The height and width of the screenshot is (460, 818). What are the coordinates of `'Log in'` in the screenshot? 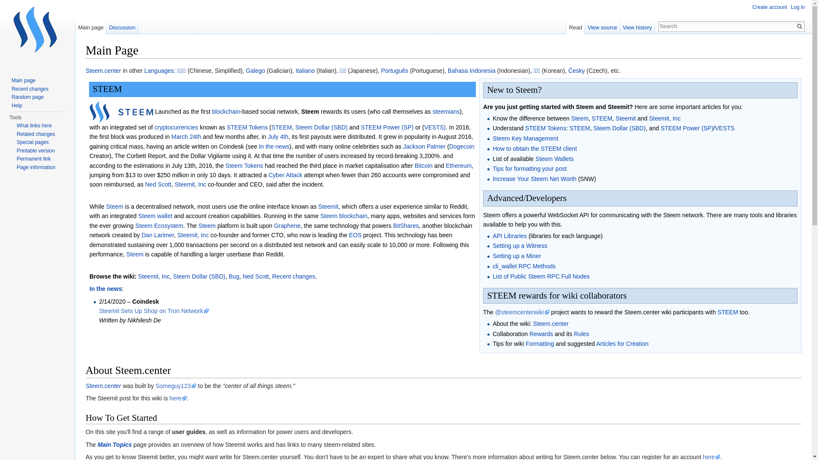 It's located at (797, 7).